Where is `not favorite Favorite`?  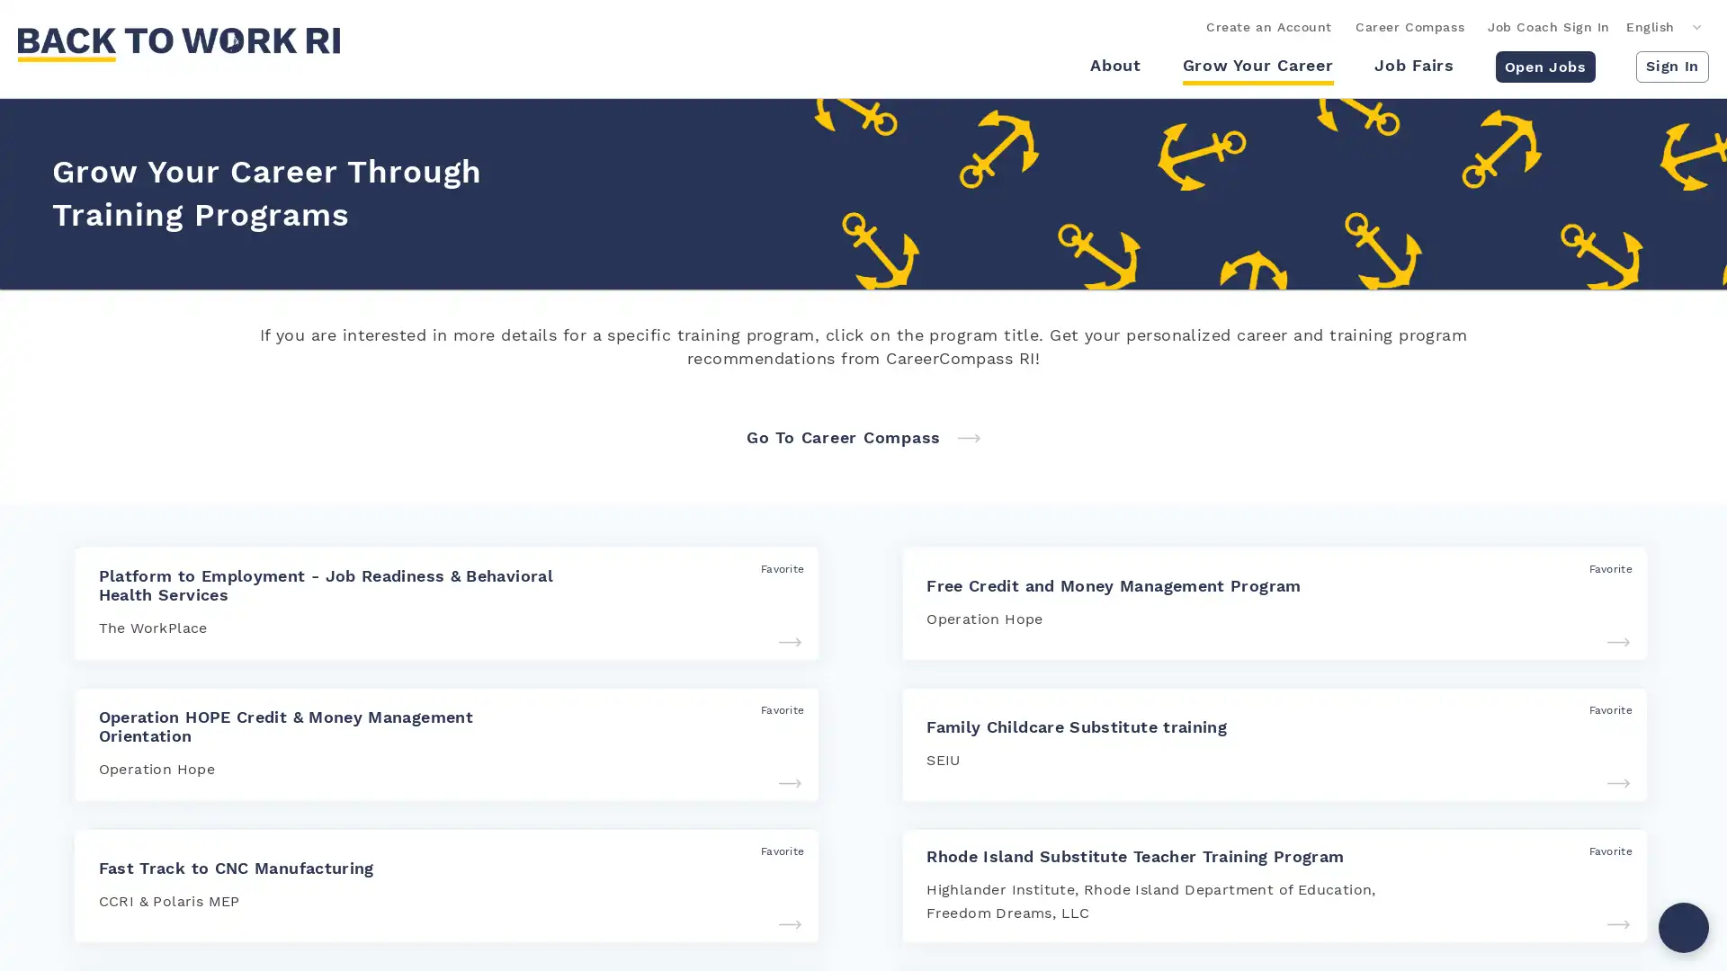
not favorite Favorite is located at coordinates (1600, 568).